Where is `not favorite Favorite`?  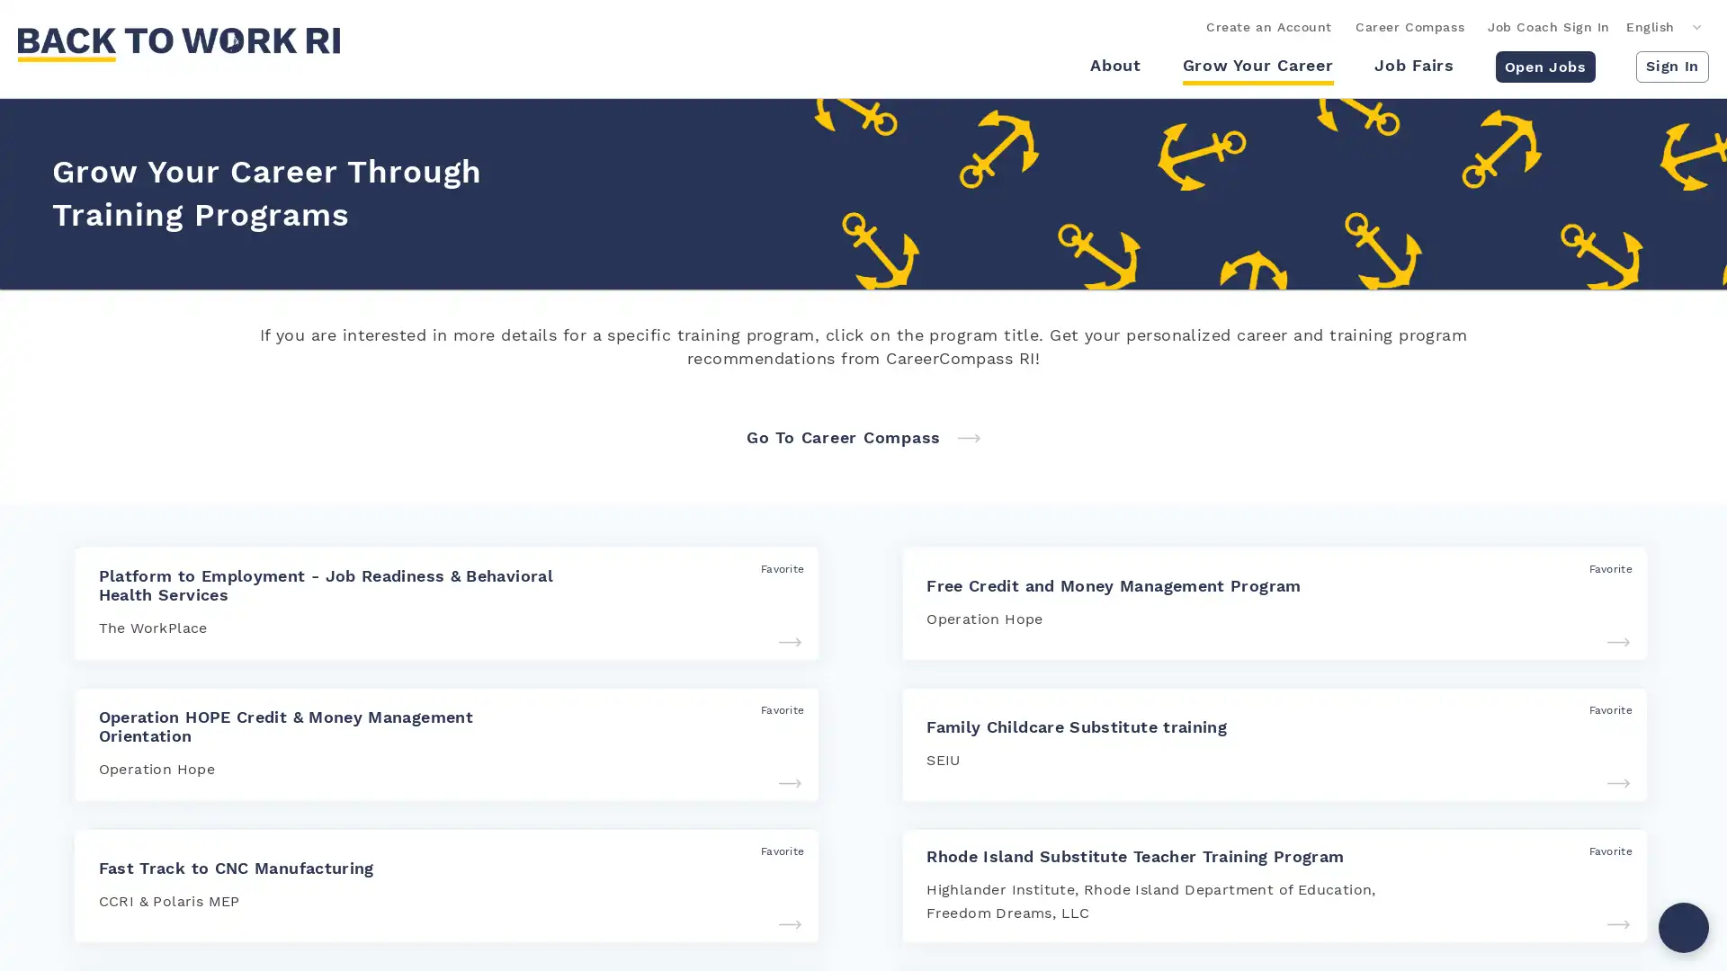
not favorite Favorite is located at coordinates (1600, 568).